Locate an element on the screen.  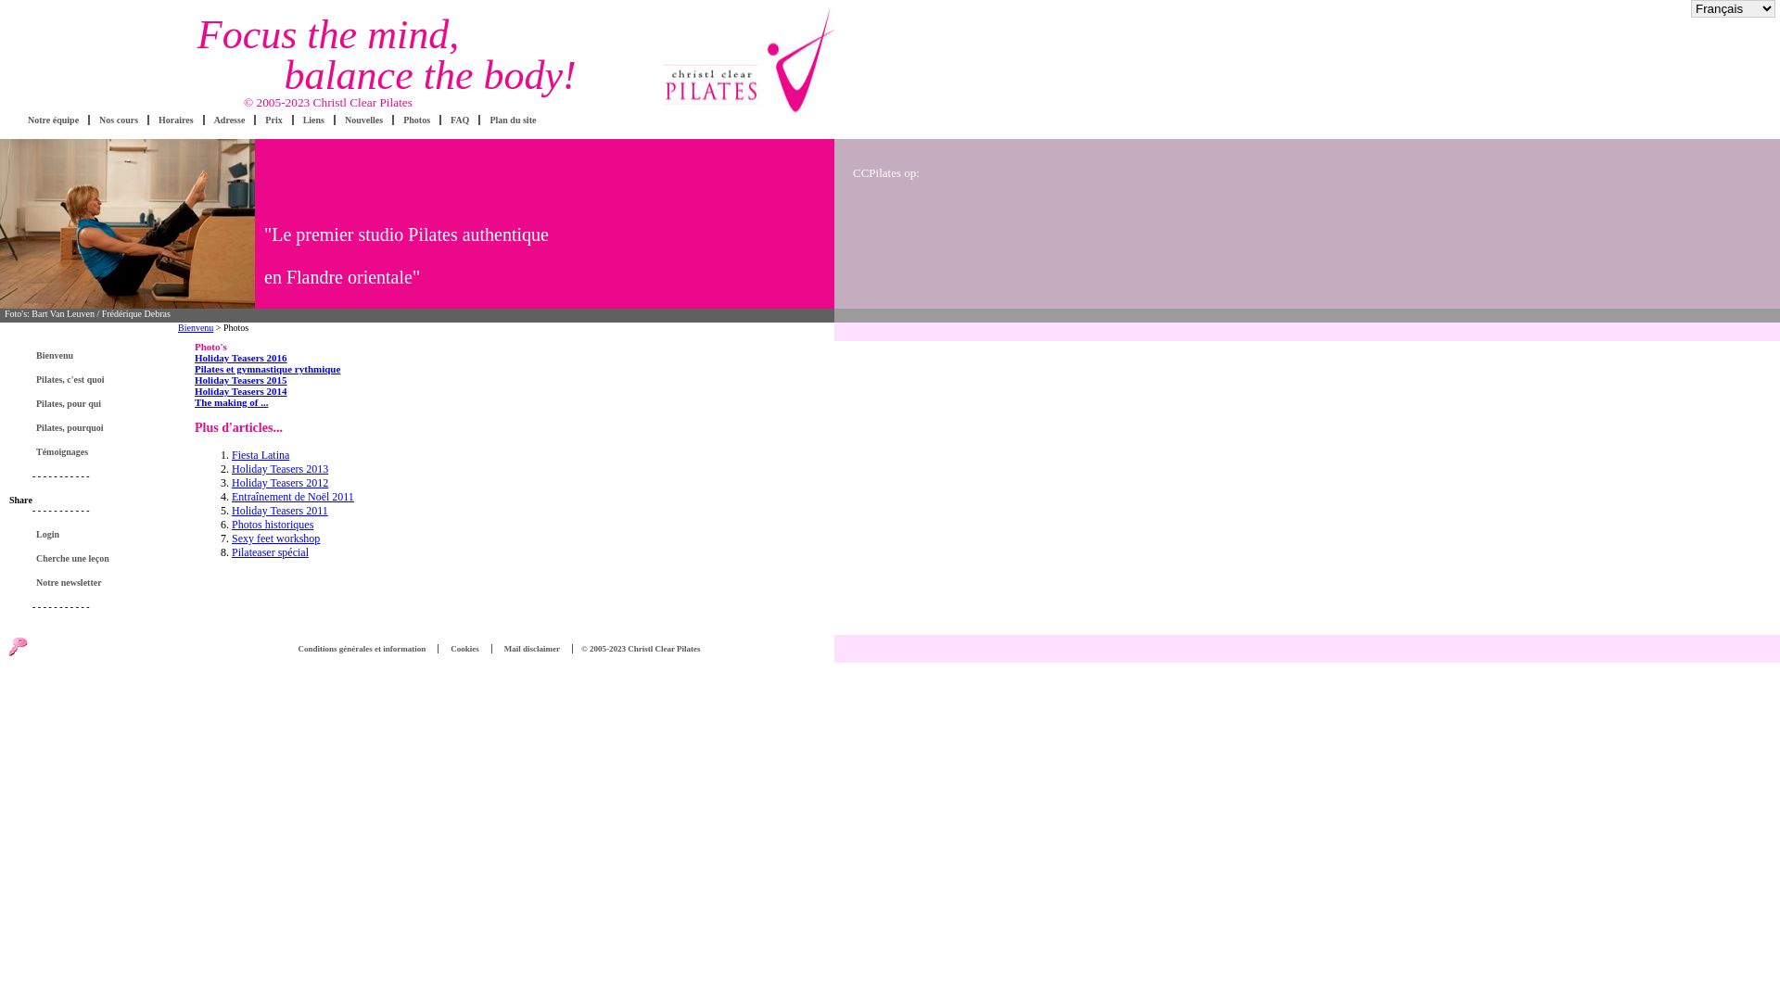
'Holiday Teasers 2016' is located at coordinates (239, 357).